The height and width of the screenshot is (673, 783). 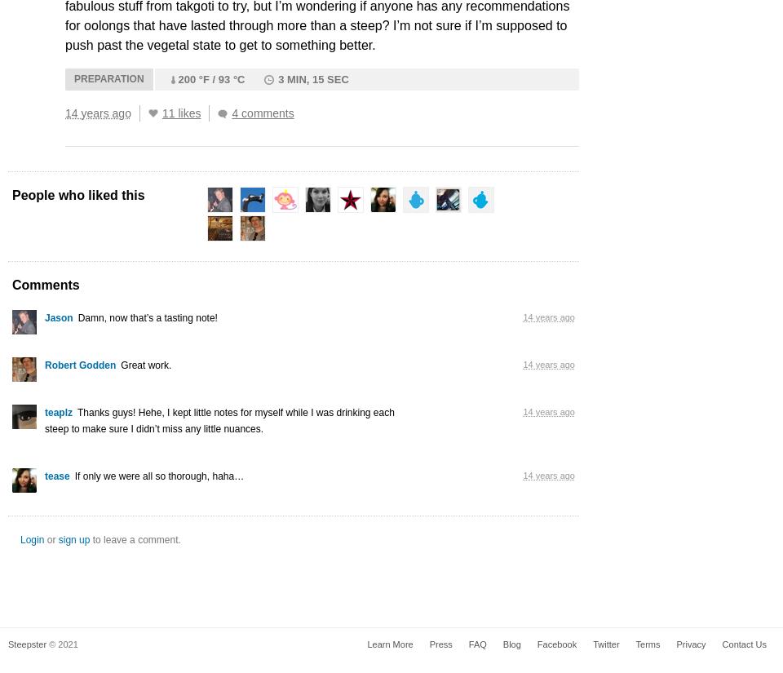 What do you see at coordinates (59, 317) in the screenshot?
I see `'Jason'` at bounding box center [59, 317].